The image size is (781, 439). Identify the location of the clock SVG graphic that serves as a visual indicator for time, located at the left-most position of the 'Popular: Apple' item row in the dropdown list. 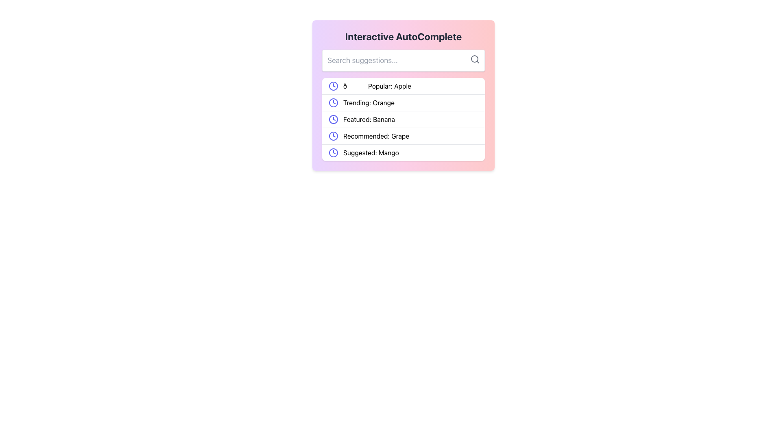
(334, 86).